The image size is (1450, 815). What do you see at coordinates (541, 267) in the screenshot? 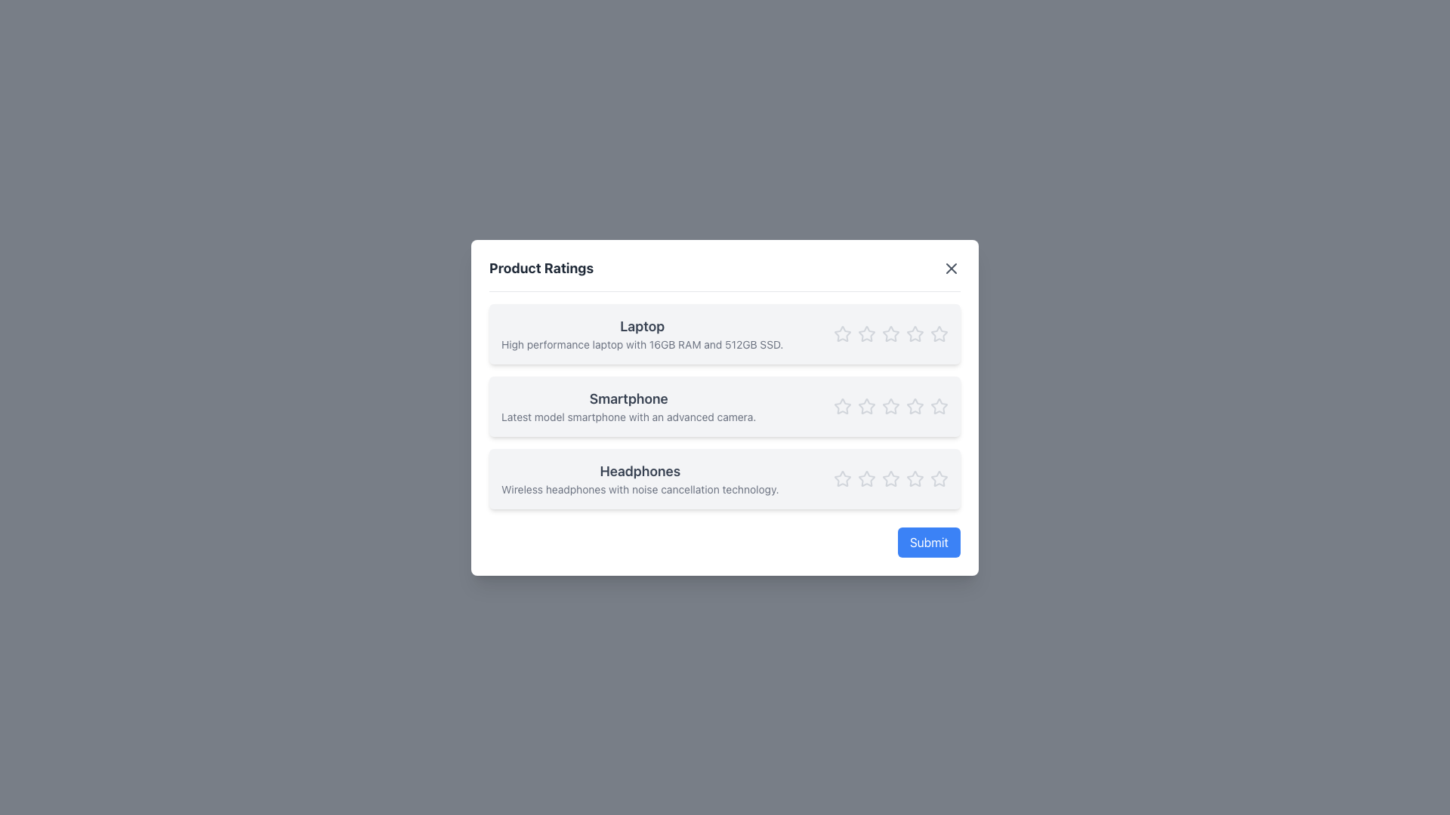
I see `text label that serves as a heading for the section related to product ratings, positioned at the top-left of the interface` at bounding box center [541, 267].